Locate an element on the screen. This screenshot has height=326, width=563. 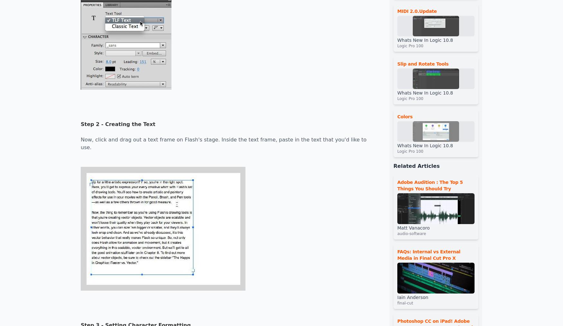
'Related Articles' is located at coordinates (393, 166).